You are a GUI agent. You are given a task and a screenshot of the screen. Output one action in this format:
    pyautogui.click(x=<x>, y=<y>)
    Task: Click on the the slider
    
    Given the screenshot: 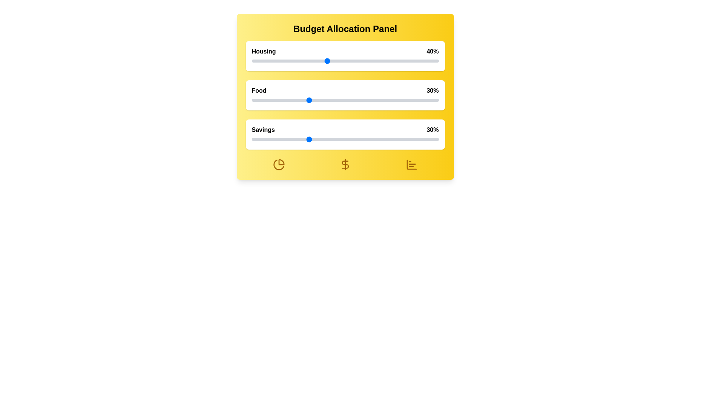 What is the action you would take?
    pyautogui.click(x=330, y=100)
    